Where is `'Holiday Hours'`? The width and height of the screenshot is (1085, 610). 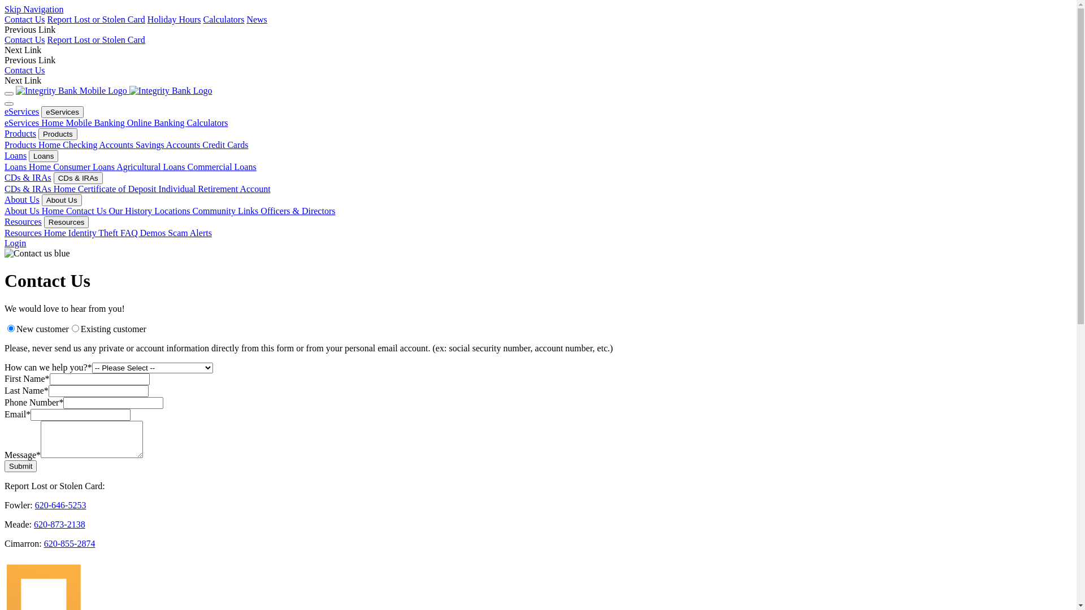 'Holiday Hours' is located at coordinates (173, 19).